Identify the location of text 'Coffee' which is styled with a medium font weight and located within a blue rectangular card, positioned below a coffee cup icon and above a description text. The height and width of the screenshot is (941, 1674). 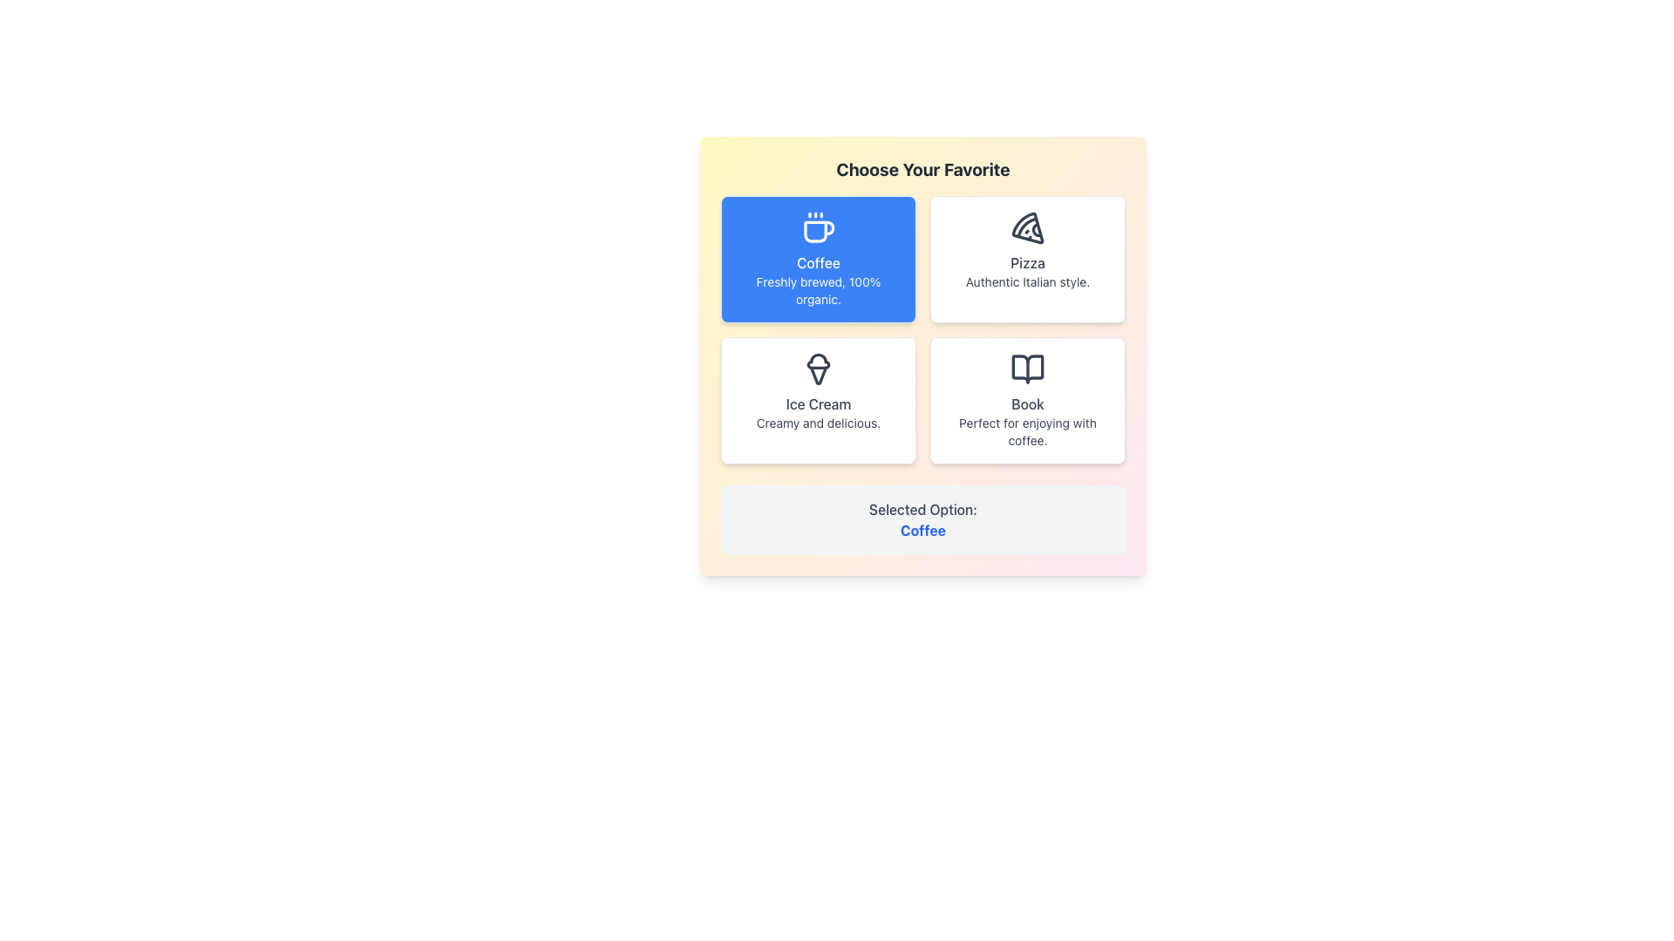
(818, 262).